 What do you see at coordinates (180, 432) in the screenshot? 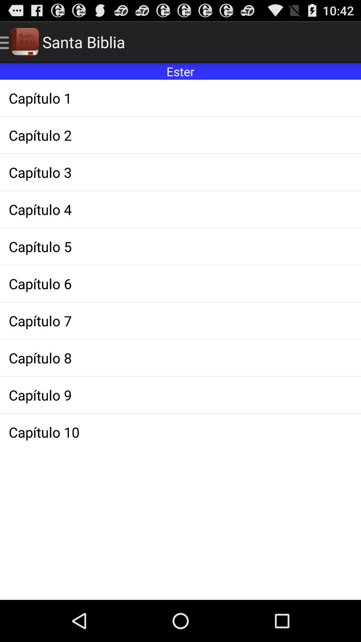
I see `icon at the bottom` at bounding box center [180, 432].